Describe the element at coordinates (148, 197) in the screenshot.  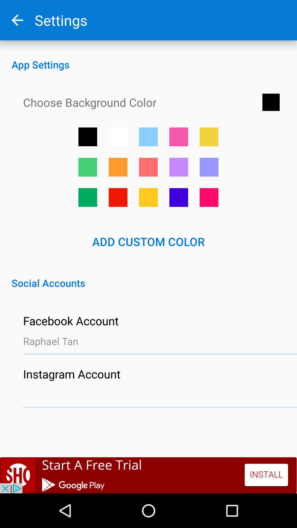
I see `colour selection` at that location.